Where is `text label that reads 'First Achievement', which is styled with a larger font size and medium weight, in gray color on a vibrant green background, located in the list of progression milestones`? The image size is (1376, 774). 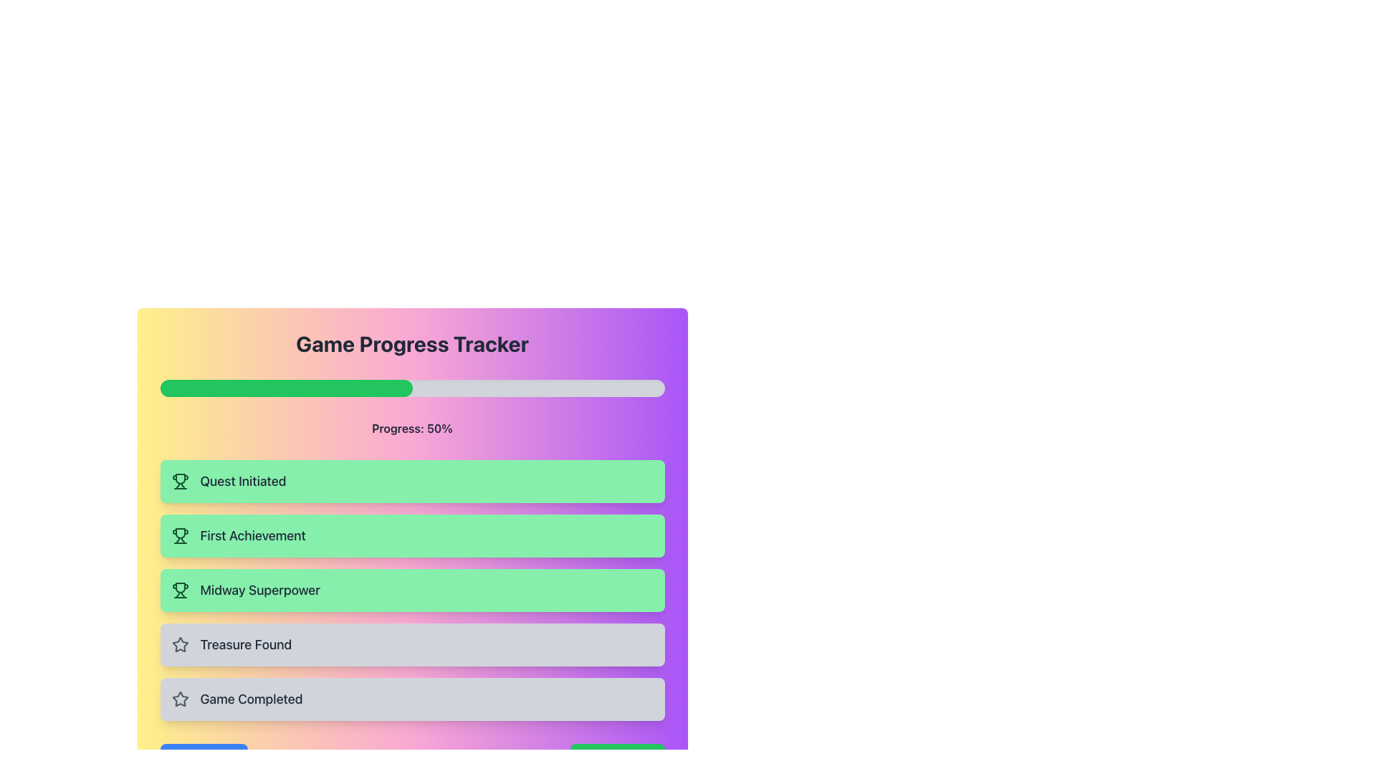
text label that reads 'First Achievement', which is styled with a larger font size and medium weight, in gray color on a vibrant green background, located in the list of progression milestones is located at coordinates (253, 536).